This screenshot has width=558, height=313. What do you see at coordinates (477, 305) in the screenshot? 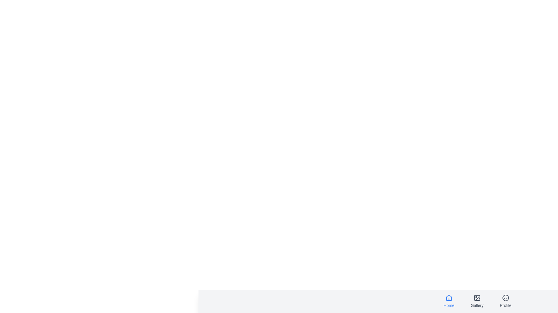
I see `the text label Gallery of the navigation item` at bounding box center [477, 305].